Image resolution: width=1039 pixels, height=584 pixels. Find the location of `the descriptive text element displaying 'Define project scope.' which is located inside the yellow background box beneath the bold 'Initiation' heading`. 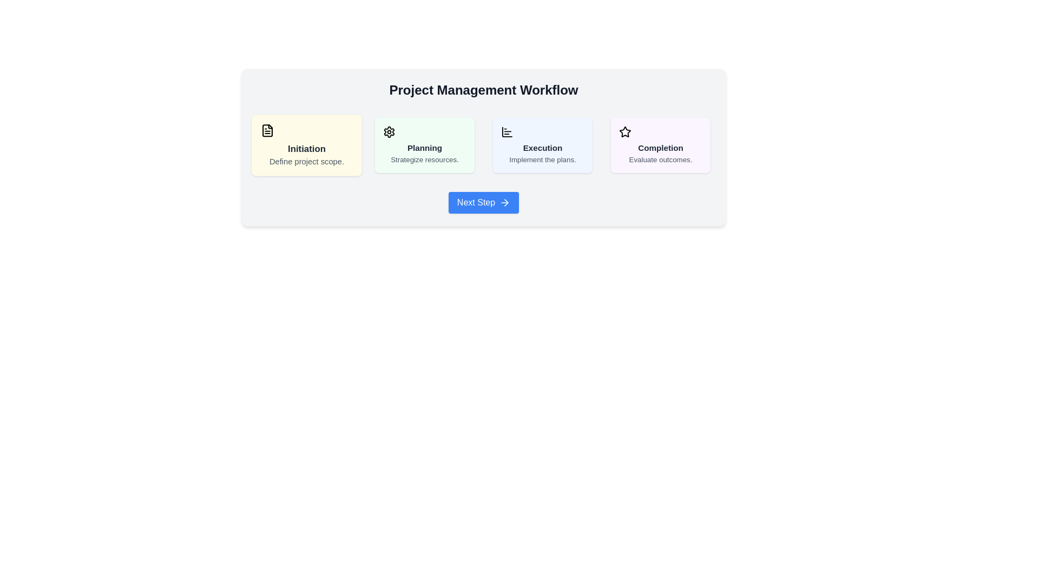

the descriptive text element displaying 'Define project scope.' which is located inside the yellow background box beneath the bold 'Initiation' heading is located at coordinates (306, 161).